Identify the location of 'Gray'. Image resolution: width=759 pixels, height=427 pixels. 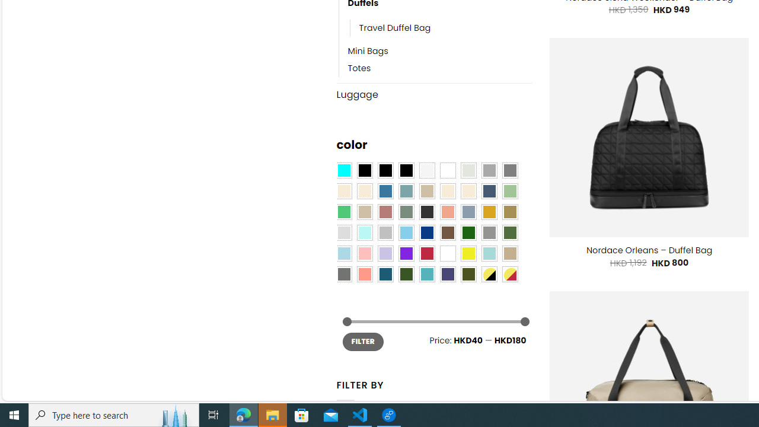
(489, 233).